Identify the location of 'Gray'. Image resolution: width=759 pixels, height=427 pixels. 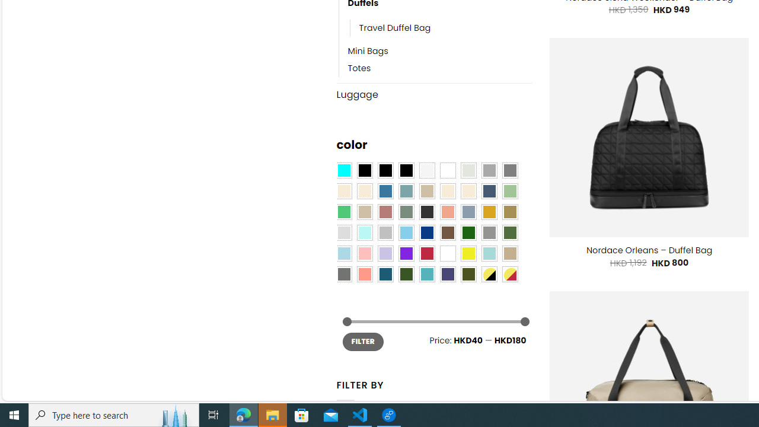
(489, 233).